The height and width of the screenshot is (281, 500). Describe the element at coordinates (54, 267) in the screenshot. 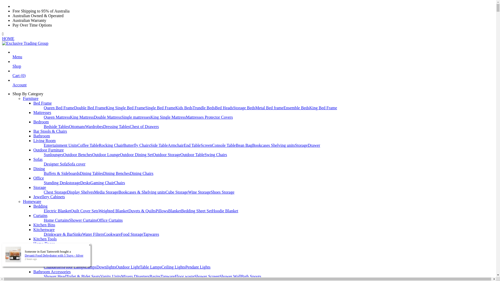

I see `'Chandeliers'` at that location.